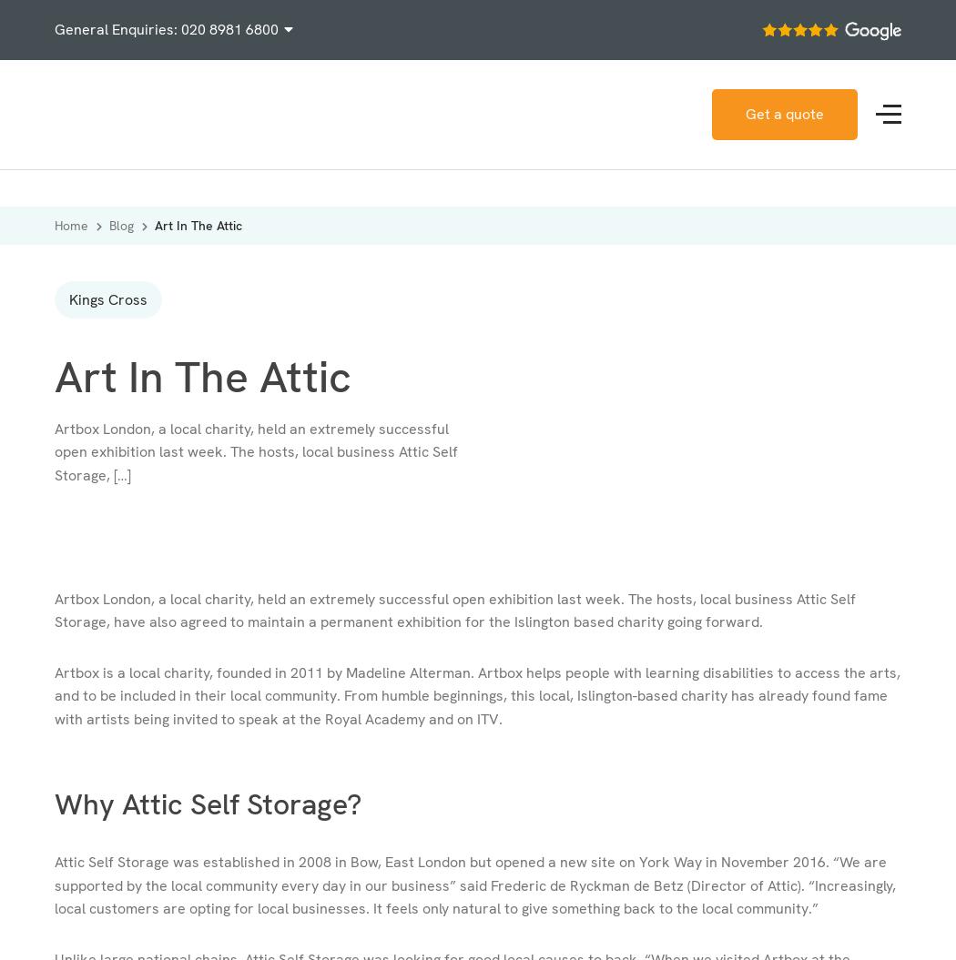 The height and width of the screenshot is (960, 956). I want to click on 'Artbox is a local charity, founded in 2011 by Madeline Alterman. Artbox helps people with learning disabilities to access the arts, and to be included in their local community. From humble beginnings, this local, Islington-based charity has already found fame with artists being invited to speak at the Royal Academy and on ITV.', so click(476, 694).